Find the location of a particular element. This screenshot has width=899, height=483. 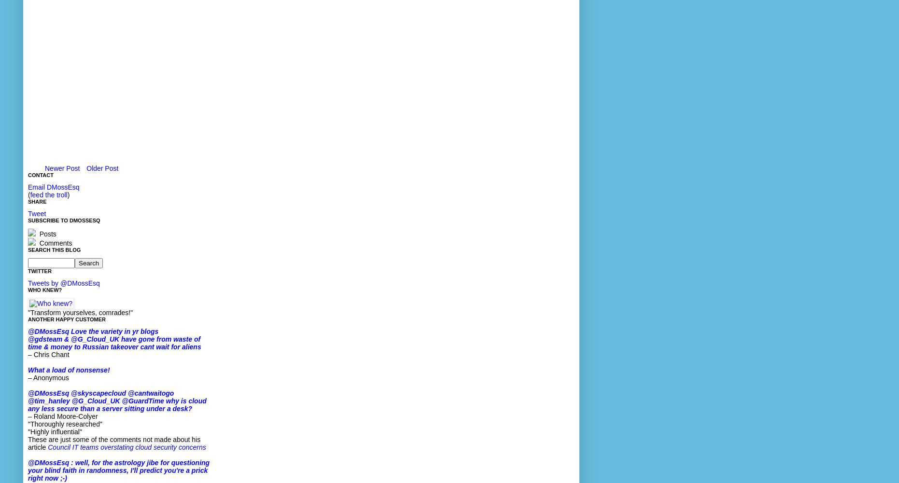

'"Thoroughly researched"' is located at coordinates (27, 424).